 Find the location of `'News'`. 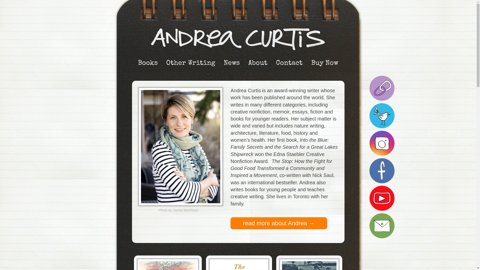

'News' is located at coordinates (231, 63).